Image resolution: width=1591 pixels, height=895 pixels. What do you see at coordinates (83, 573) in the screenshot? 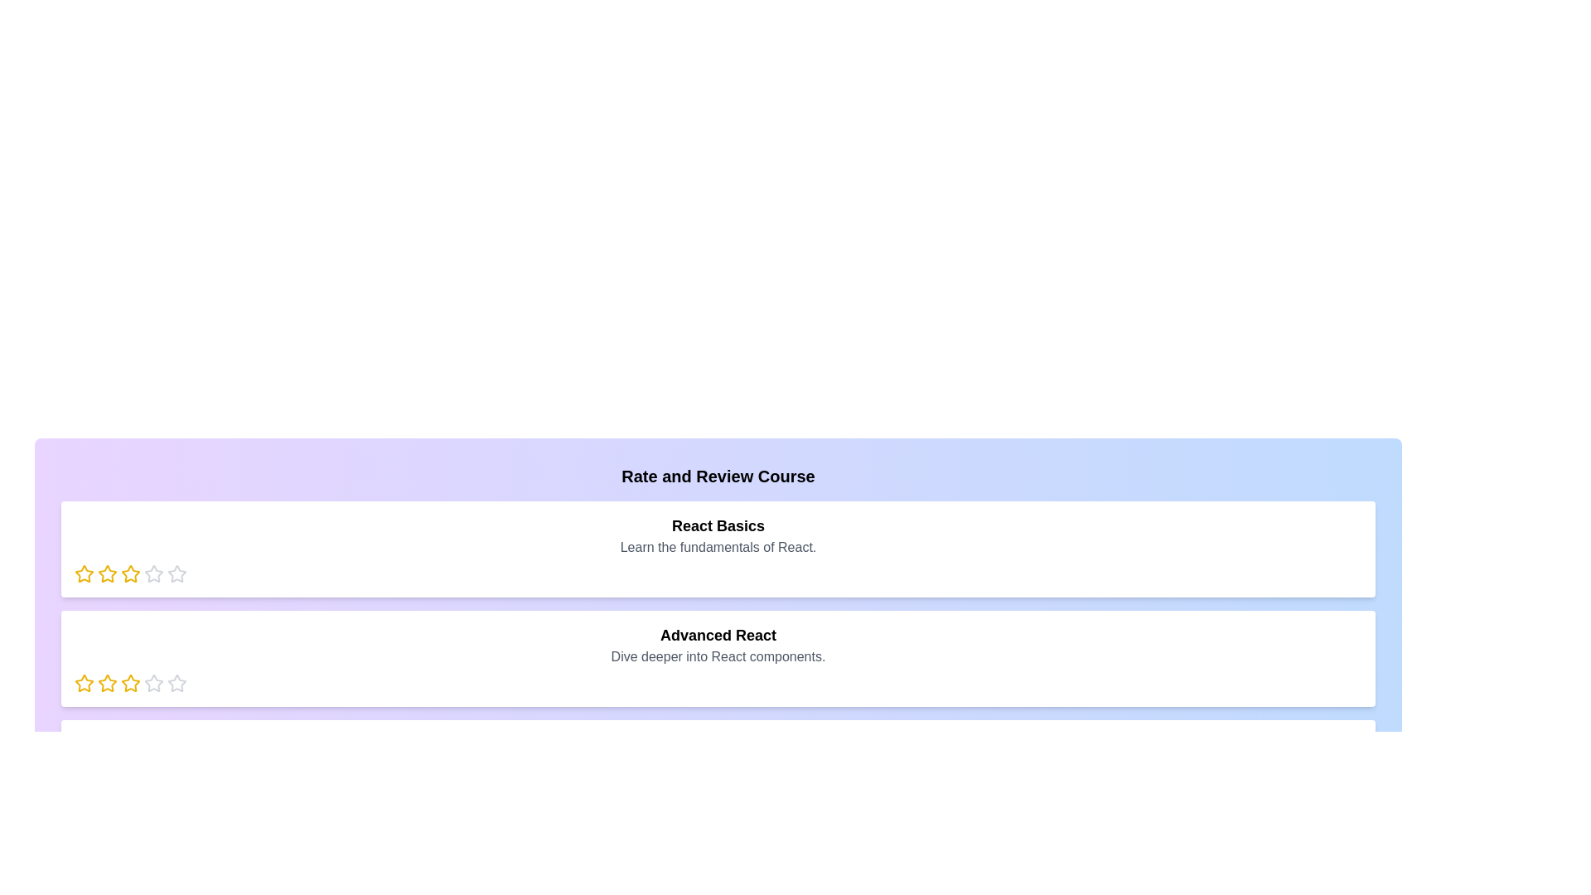
I see `the active yellow star icon to rate the item labeled 'React Basics' in the rating system` at bounding box center [83, 573].